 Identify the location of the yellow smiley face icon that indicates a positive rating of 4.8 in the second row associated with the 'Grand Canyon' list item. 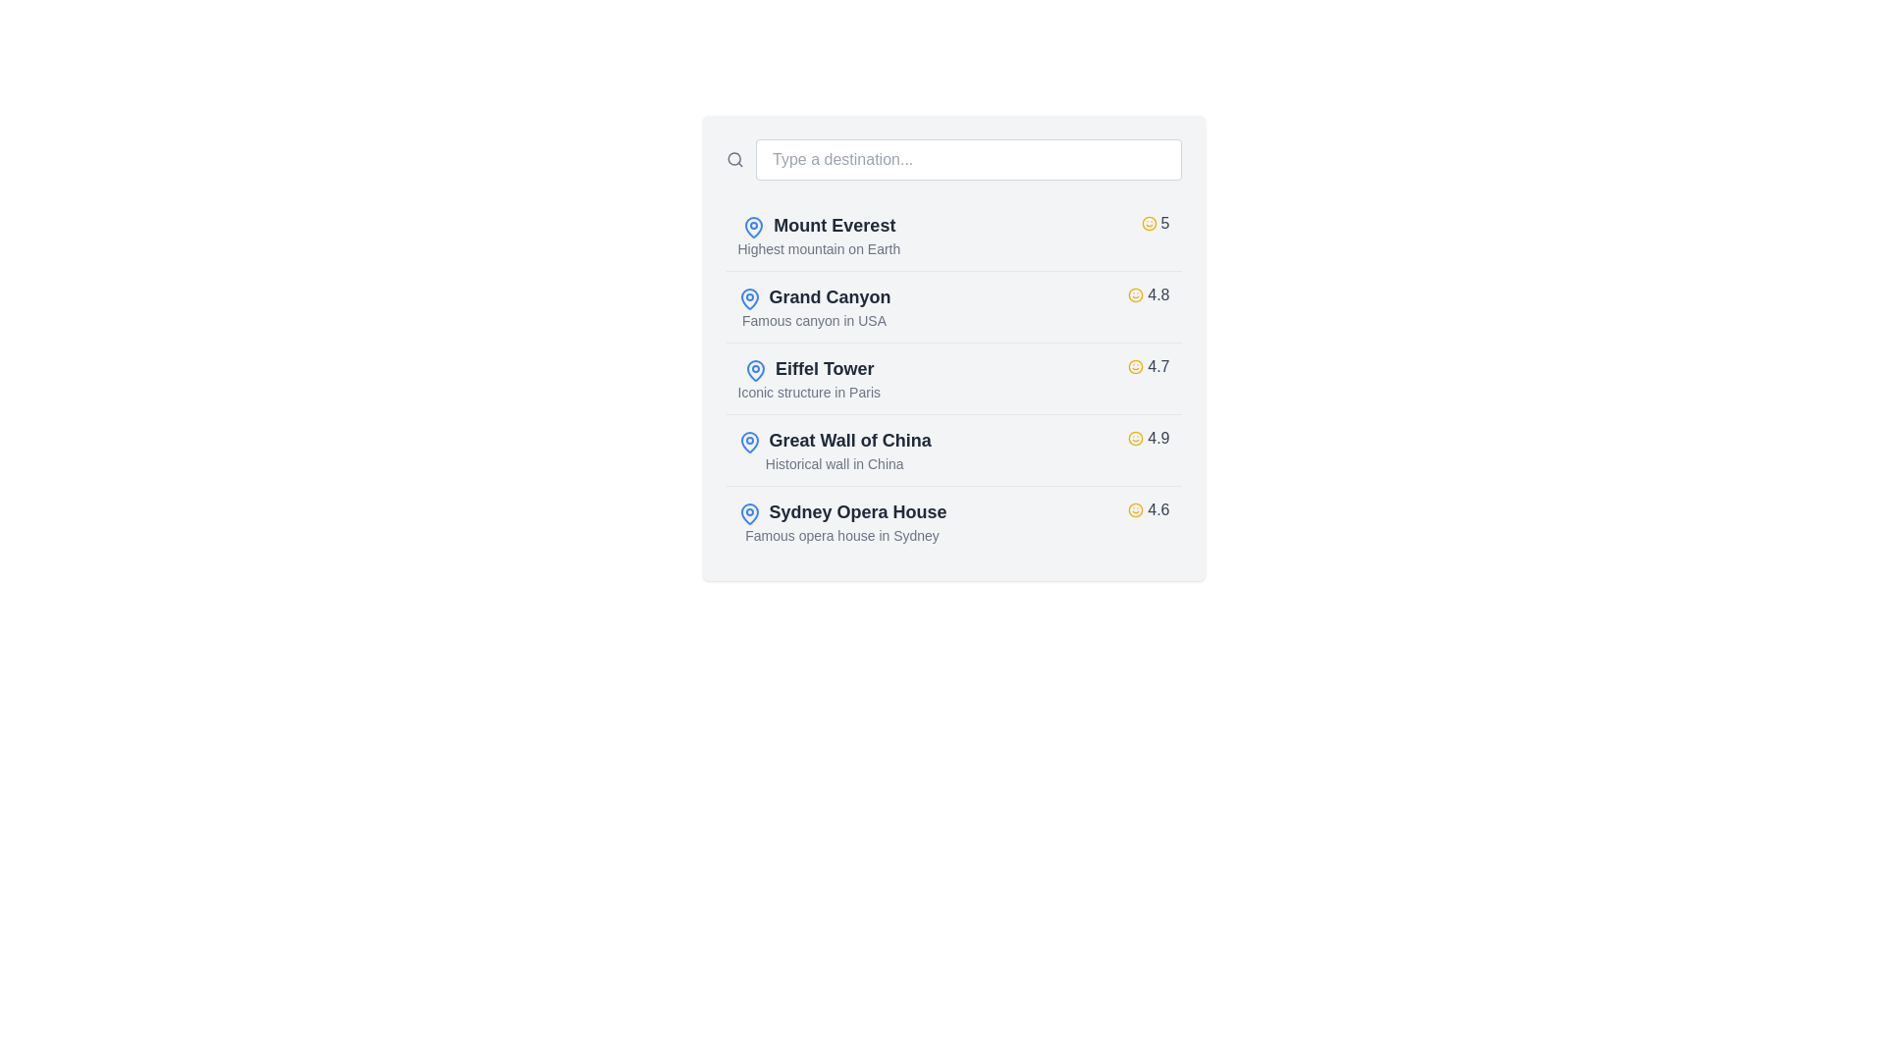
(1136, 294).